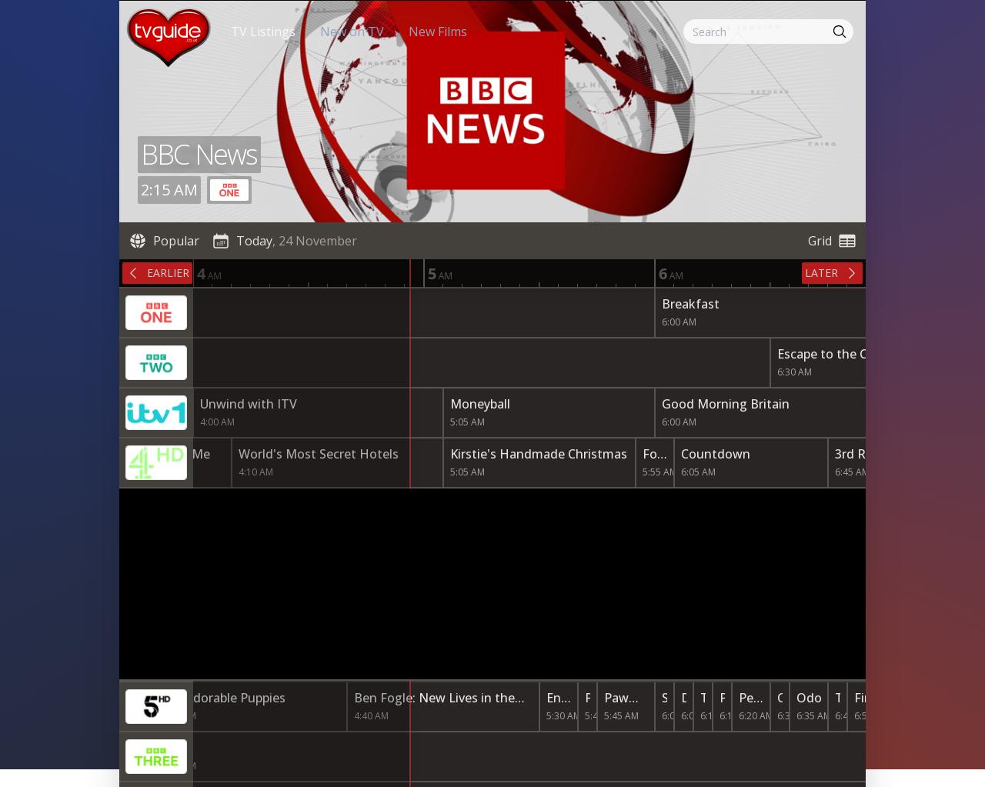 Image resolution: width=985 pixels, height=787 pixels. What do you see at coordinates (433, 705) in the screenshot?
I see `'Ben Fogle: New Lives in the Wild'` at bounding box center [433, 705].